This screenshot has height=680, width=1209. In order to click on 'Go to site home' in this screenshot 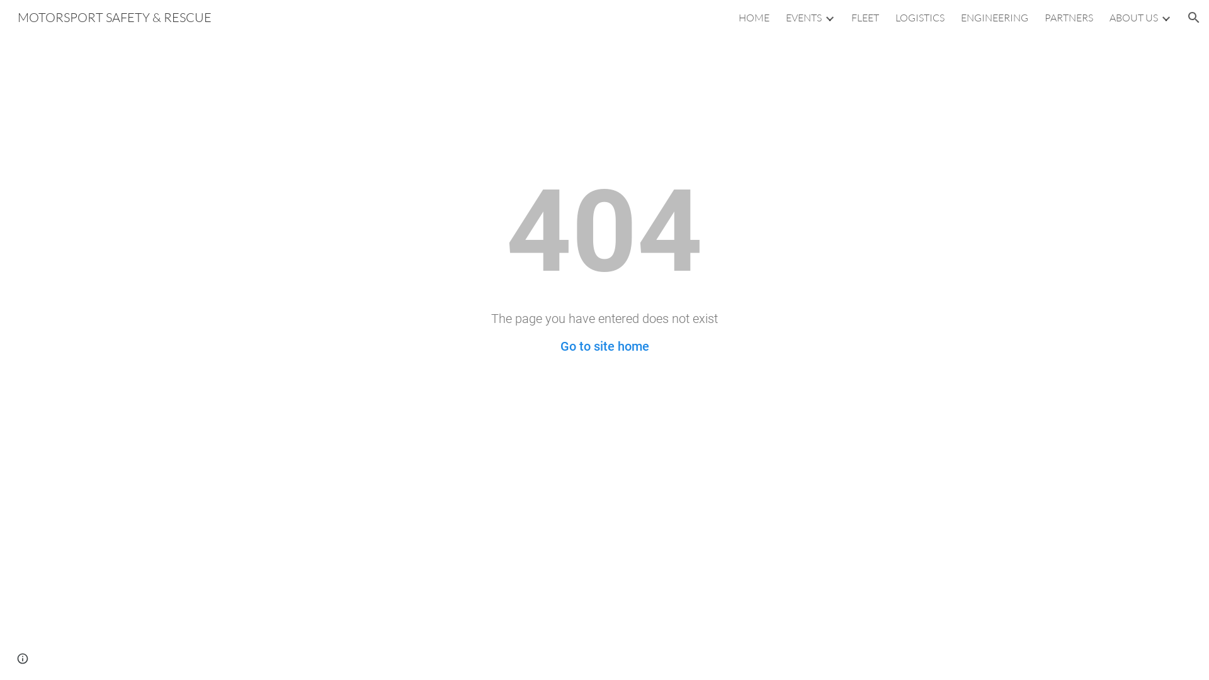, I will do `click(604, 346)`.